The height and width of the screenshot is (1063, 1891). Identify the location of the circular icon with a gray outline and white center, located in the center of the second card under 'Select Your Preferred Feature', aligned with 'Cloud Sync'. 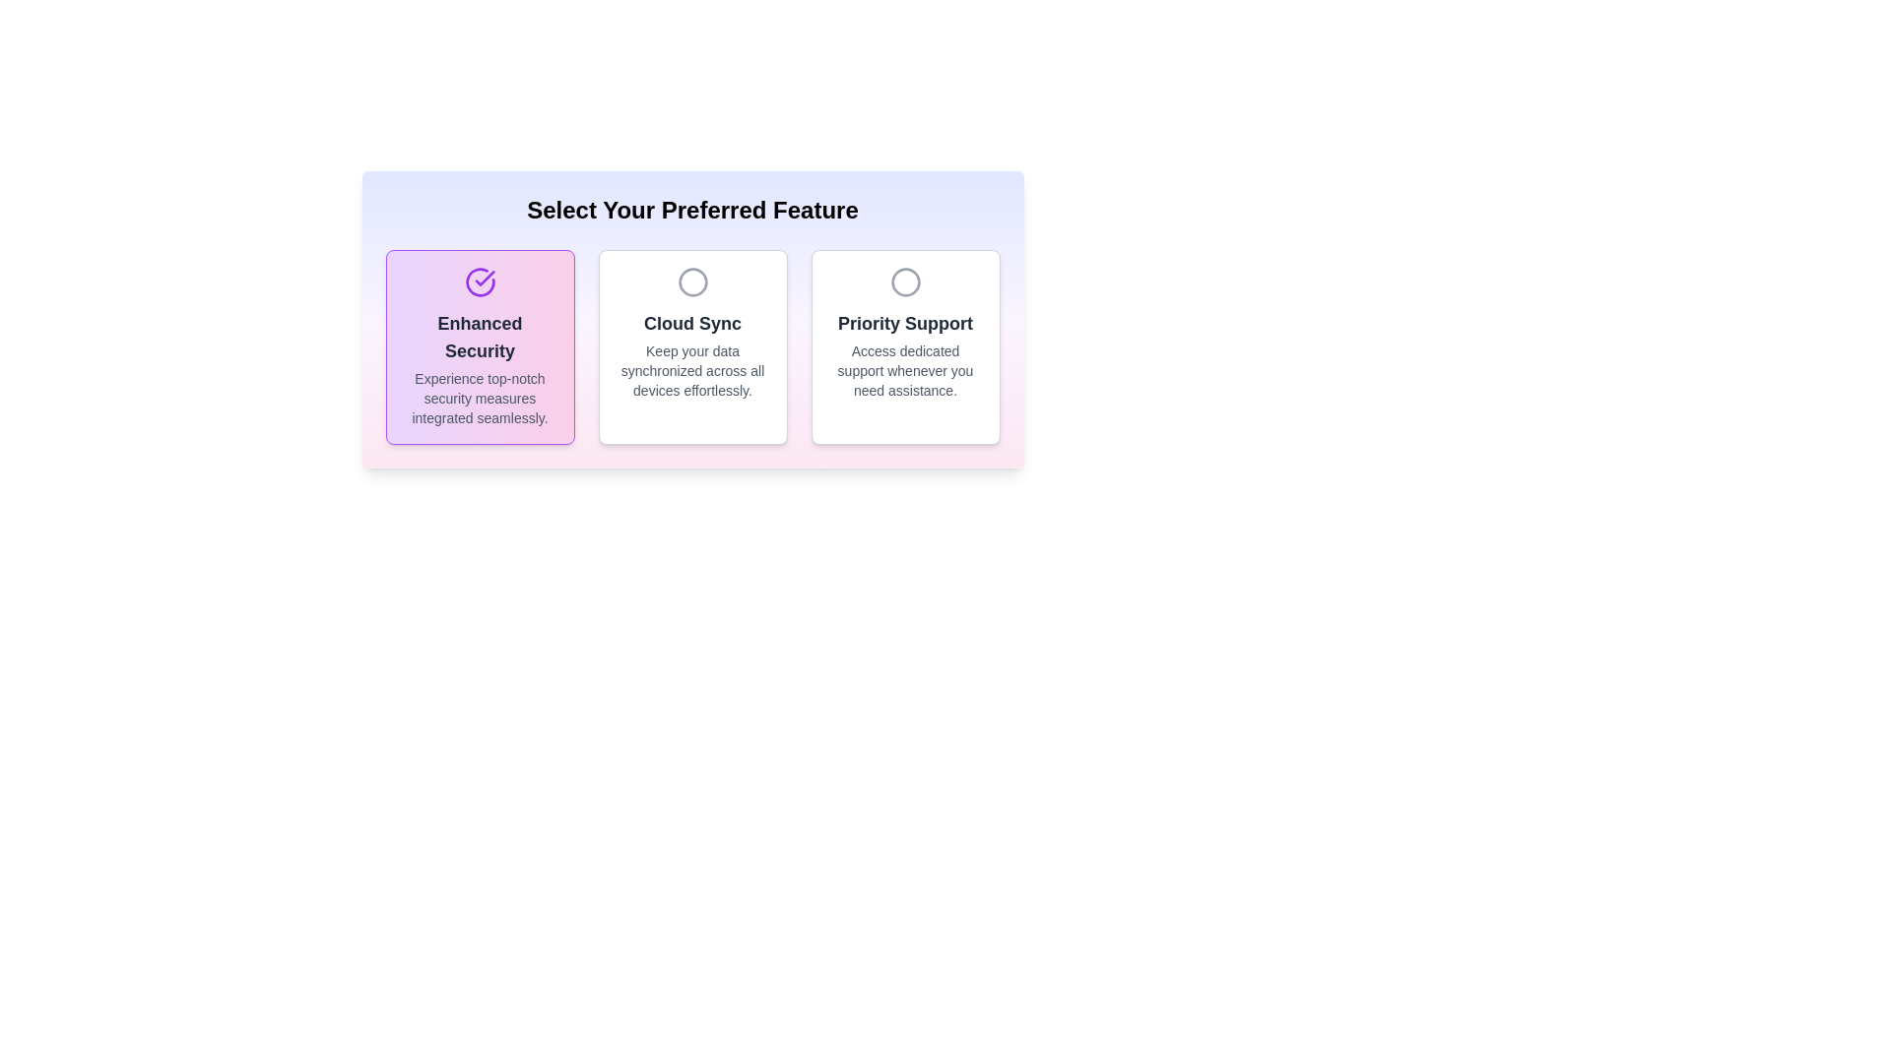
(692, 281).